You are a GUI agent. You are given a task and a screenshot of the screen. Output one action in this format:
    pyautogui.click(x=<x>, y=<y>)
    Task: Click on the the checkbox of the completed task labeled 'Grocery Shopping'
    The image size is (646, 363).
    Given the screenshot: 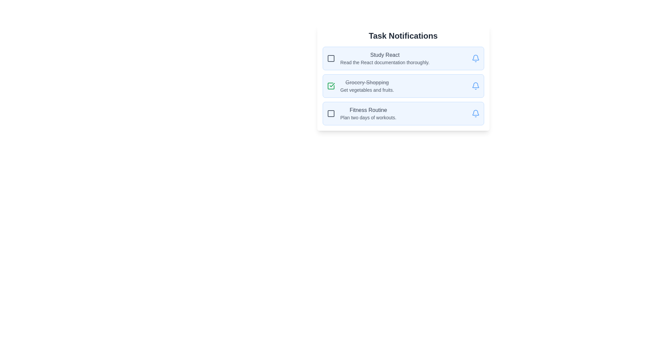 What is the action you would take?
    pyautogui.click(x=360, y=85)
    